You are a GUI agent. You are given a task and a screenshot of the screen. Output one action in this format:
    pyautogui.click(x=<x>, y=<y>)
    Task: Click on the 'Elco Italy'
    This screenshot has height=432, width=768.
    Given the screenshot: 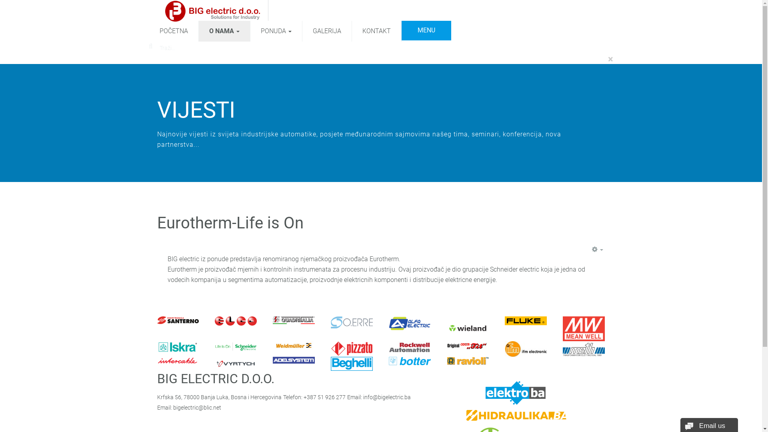 What is the action you would take?
    pyautogui.click(x=235, y=320)
    